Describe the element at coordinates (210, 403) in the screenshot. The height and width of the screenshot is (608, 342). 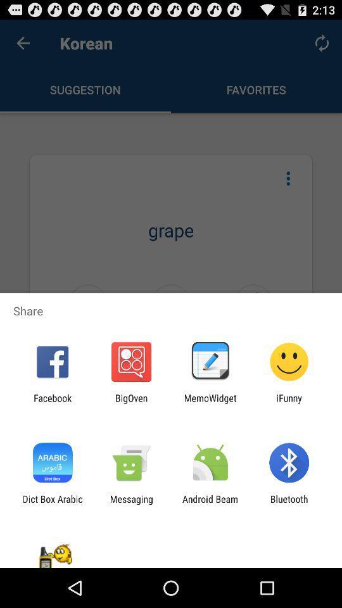
I see `item next to the bigoven app` at that location.